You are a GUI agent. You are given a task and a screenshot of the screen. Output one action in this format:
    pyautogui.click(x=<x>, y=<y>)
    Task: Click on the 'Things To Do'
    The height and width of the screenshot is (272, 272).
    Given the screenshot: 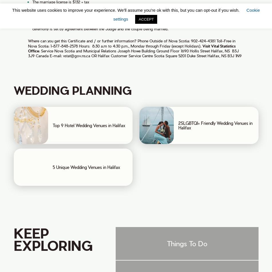 What is the action you would take?
    pyautogui.click(x=187, y=243)
    